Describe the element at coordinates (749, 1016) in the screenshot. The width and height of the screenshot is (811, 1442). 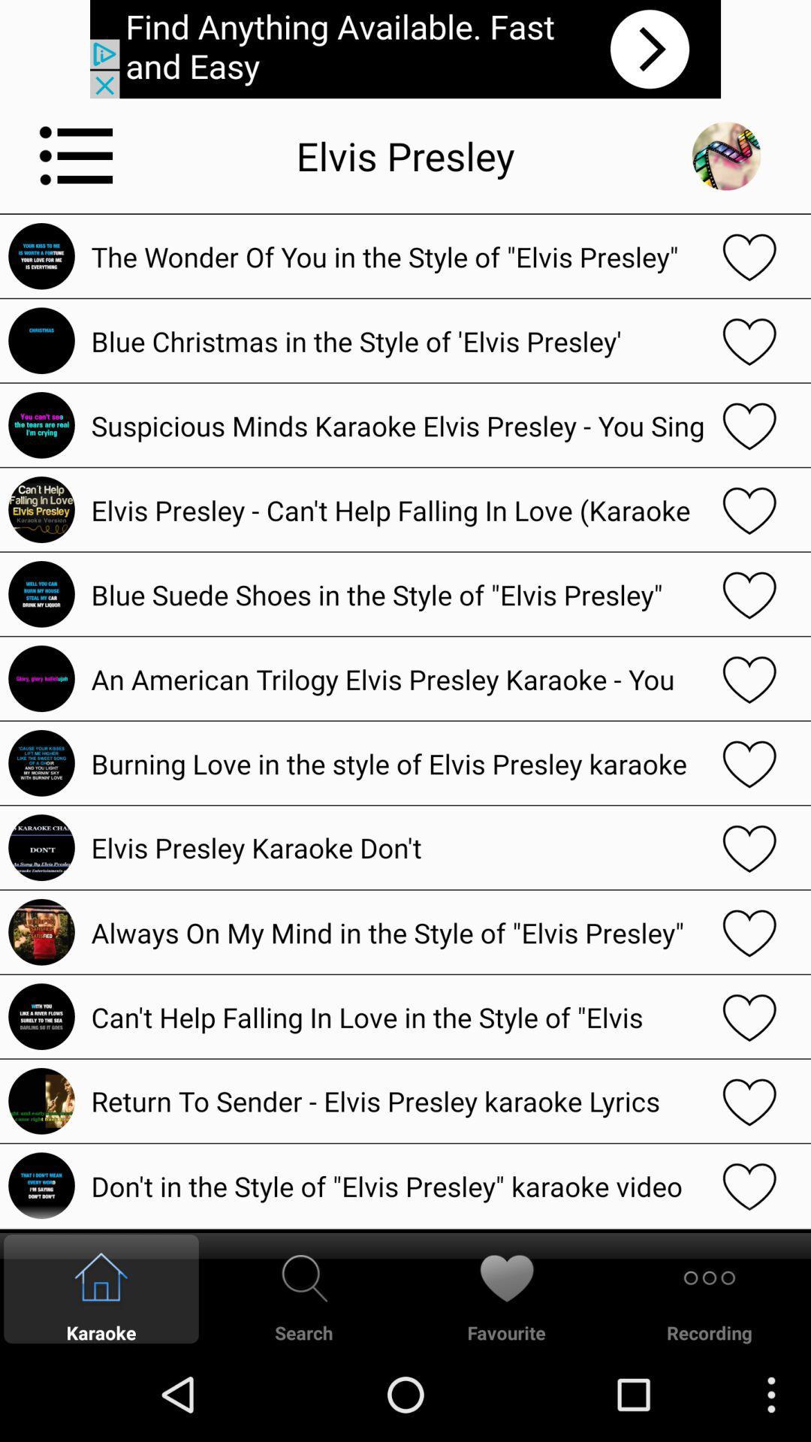
I see `like option` at that location.